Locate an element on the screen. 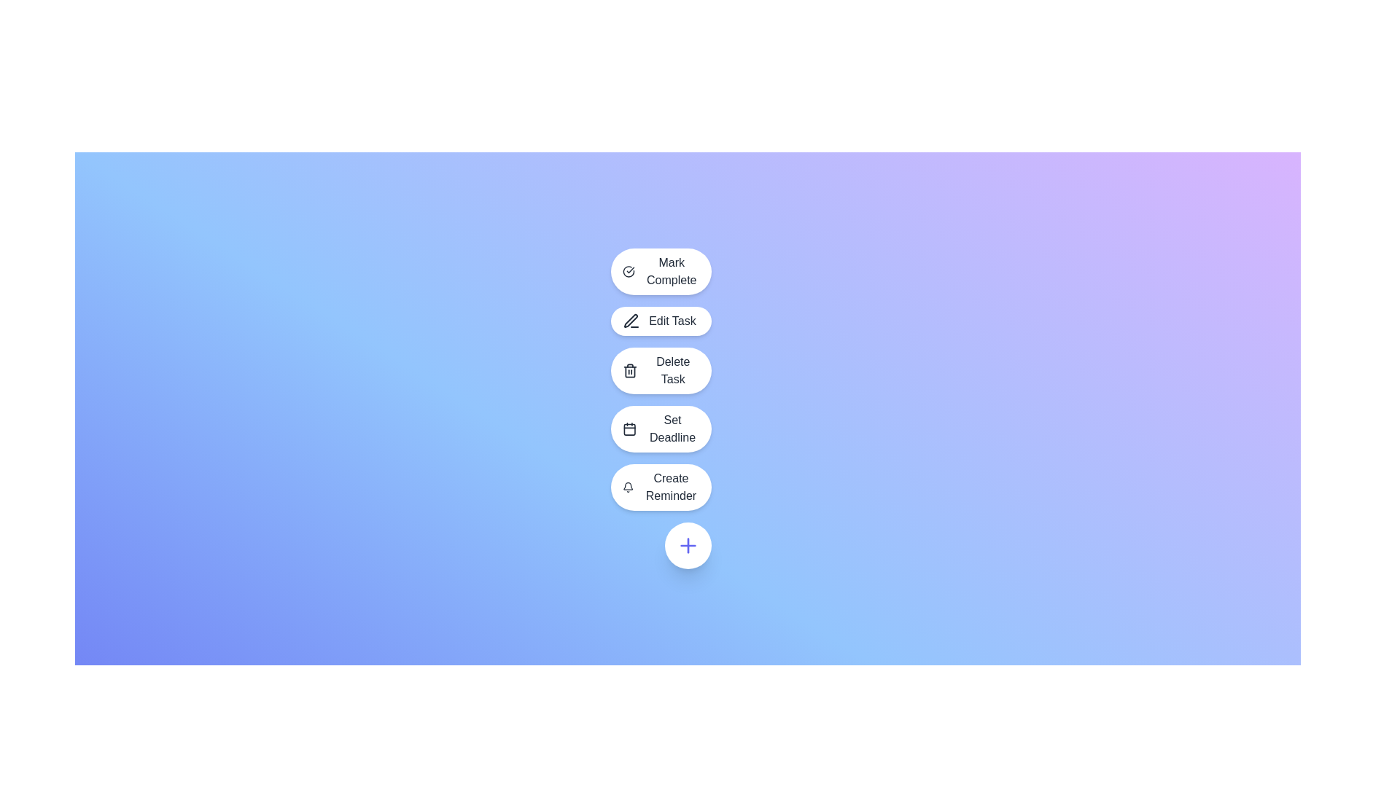  the 'Set Deadline' button, which is a visually contained rectangular shape with rounded corners and a red filled area, located within a calendar icon is located at coordinates (629, 428).